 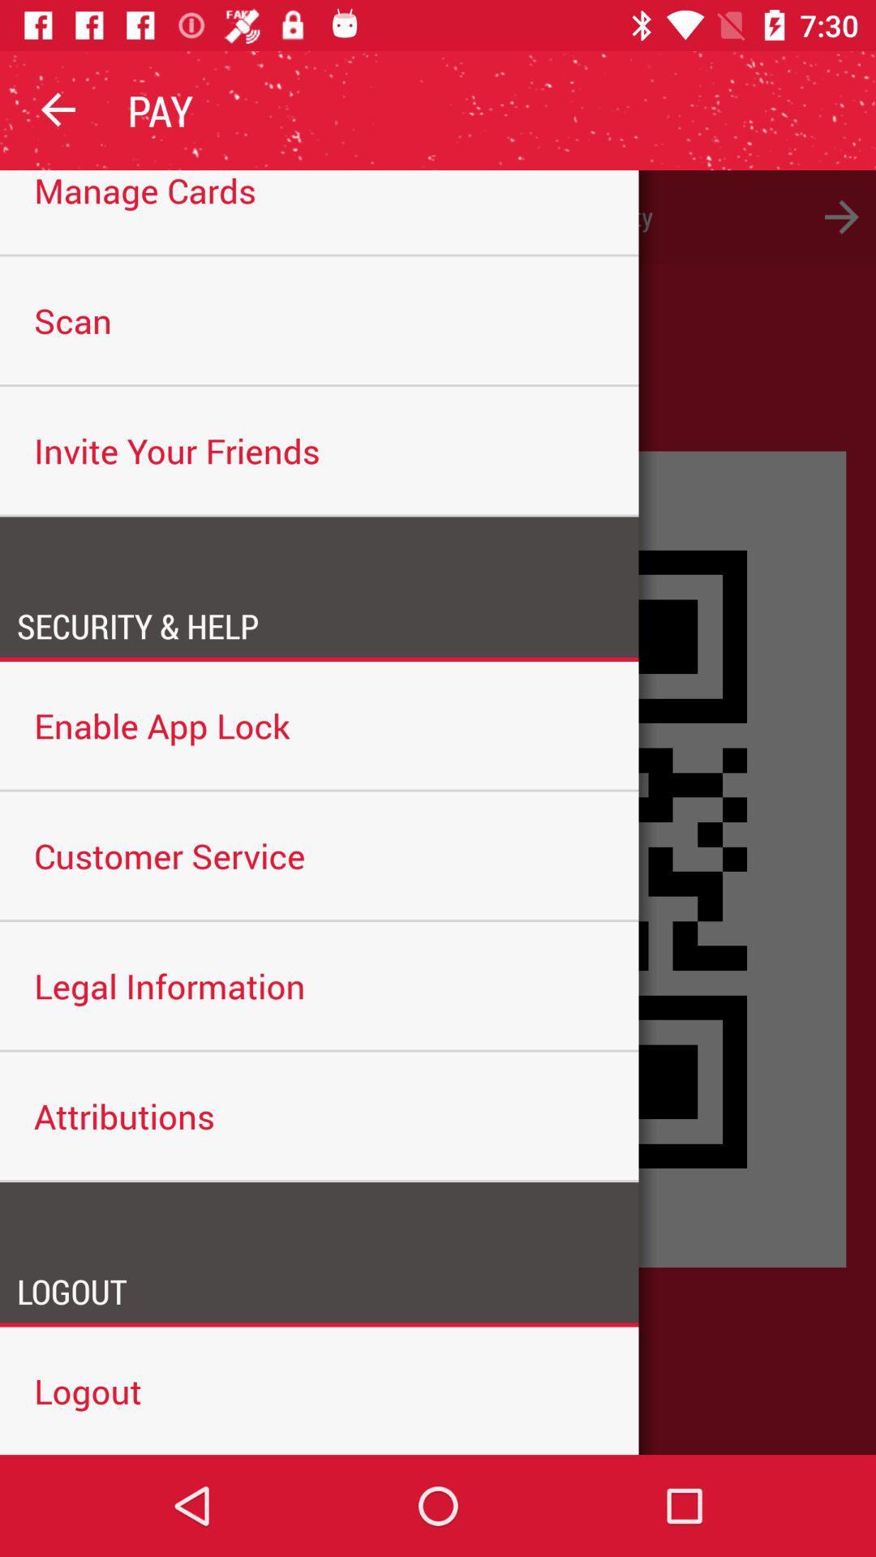 What do you see at coordinates (58, 109) in the screenshot?
I see `the item next to pay icon` at bounding box center [58, 109].